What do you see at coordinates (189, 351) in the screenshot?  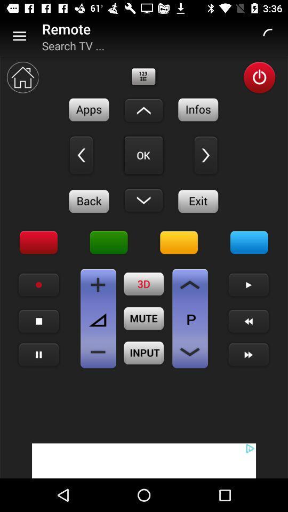 I see `the expand_more icon` at bounding box center [189, 351].